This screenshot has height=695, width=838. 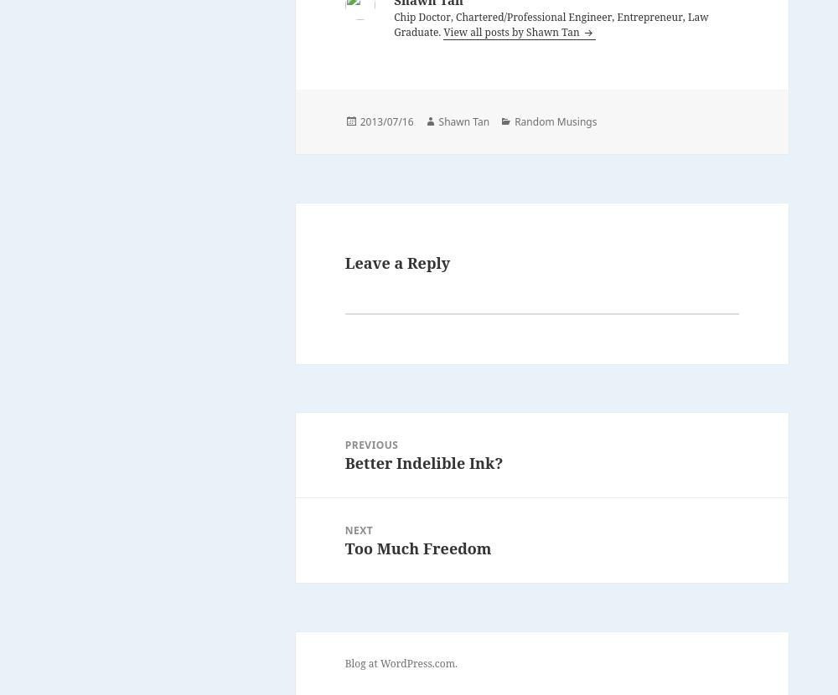 What do you see at coordinates (556, 120) in the screenshot?
I see `'Random Musings'` at bounding box center [556, 120].